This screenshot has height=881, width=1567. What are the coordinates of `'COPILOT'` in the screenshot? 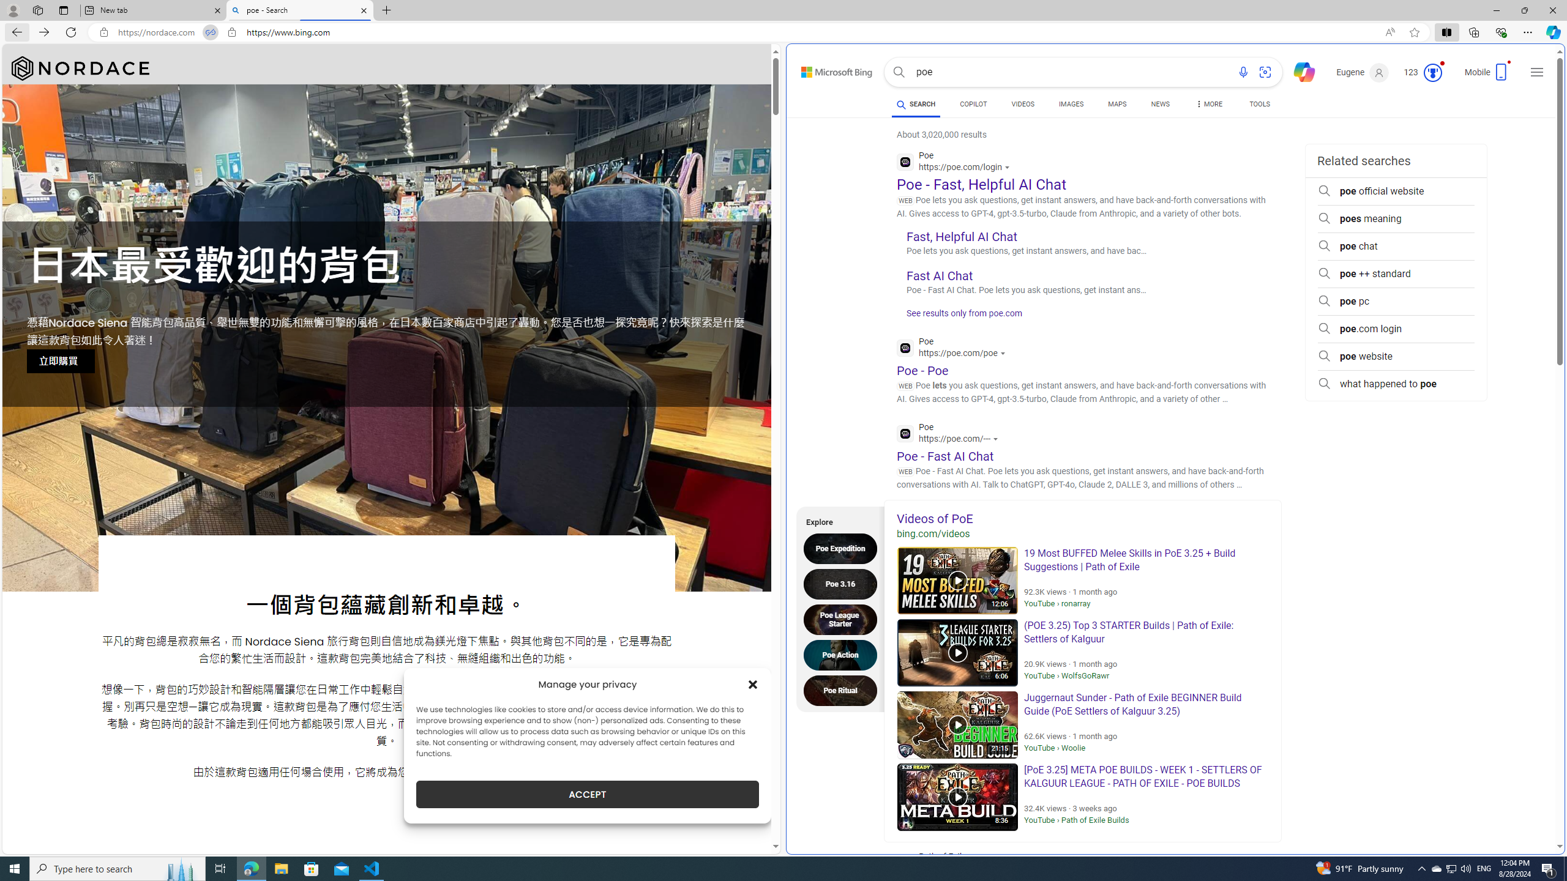 It's located at (973, 103).